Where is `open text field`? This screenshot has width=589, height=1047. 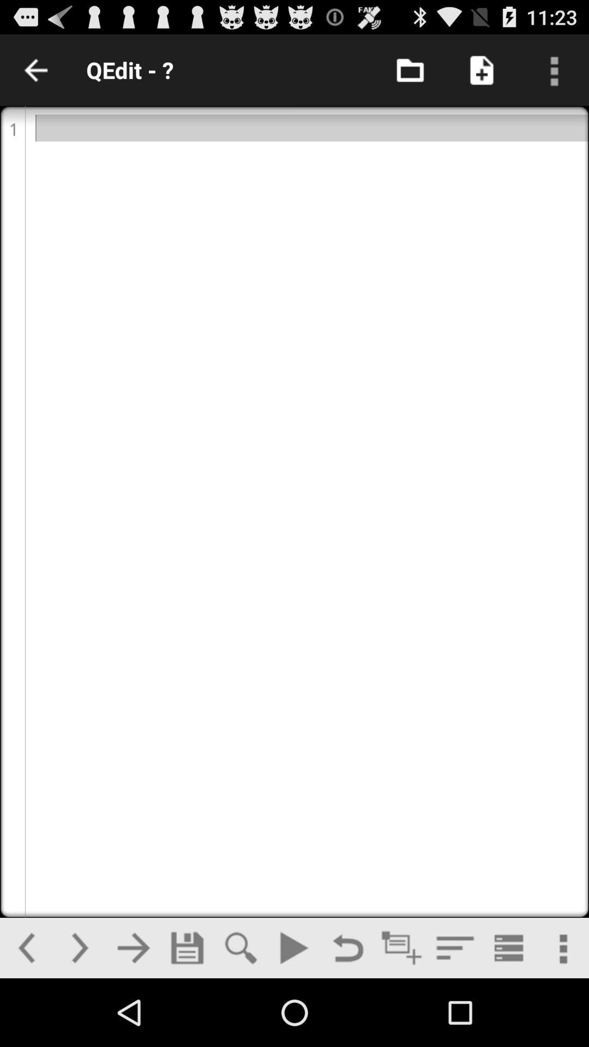
open text field is located at coordinates (294, 511).